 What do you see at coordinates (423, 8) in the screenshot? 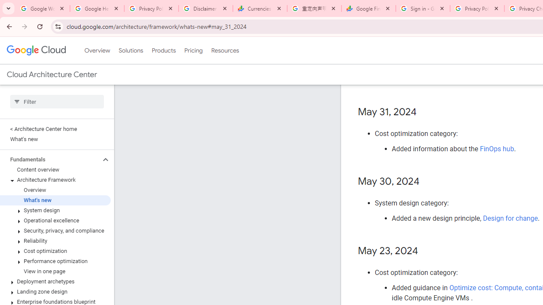
I see `'Sign in - Google Accounts'` at bounding box center [423, 8].